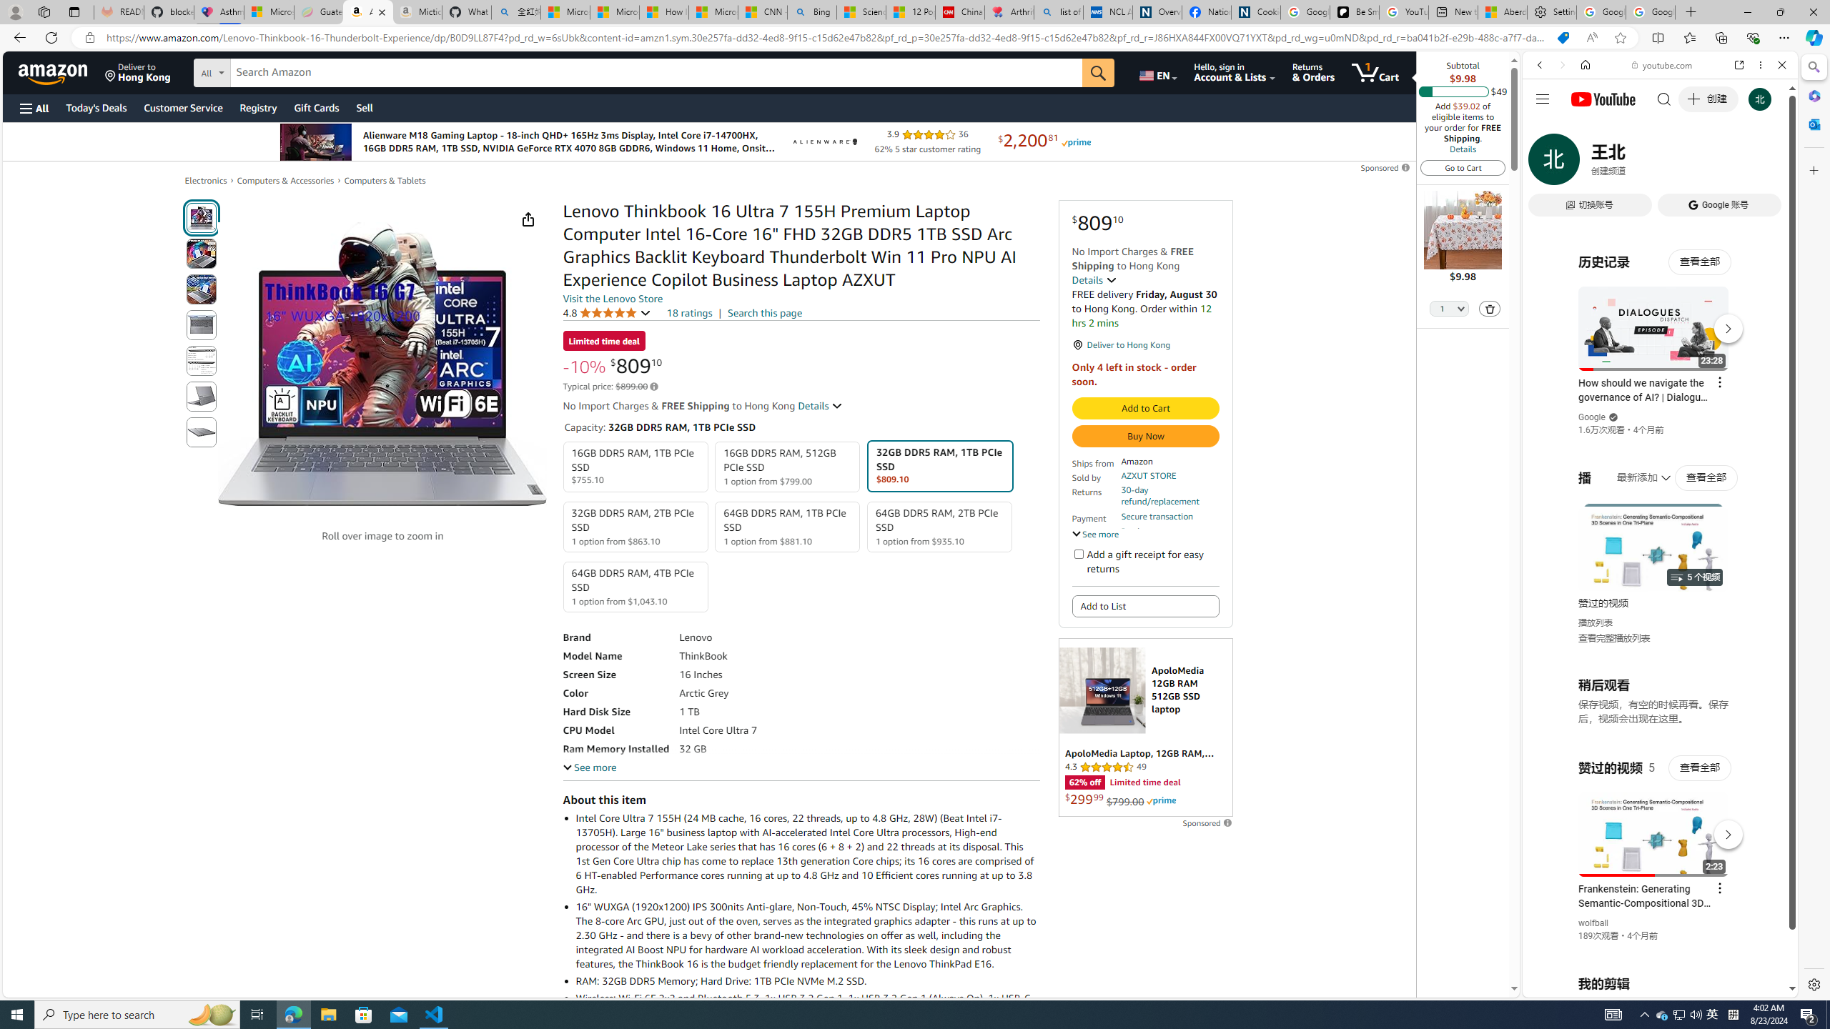  I want to click on 'Sell', so click(364, 107).